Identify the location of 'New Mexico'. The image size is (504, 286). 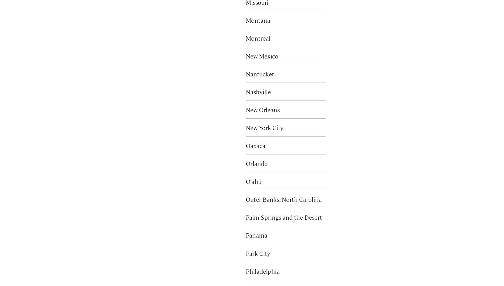
(246, 56).